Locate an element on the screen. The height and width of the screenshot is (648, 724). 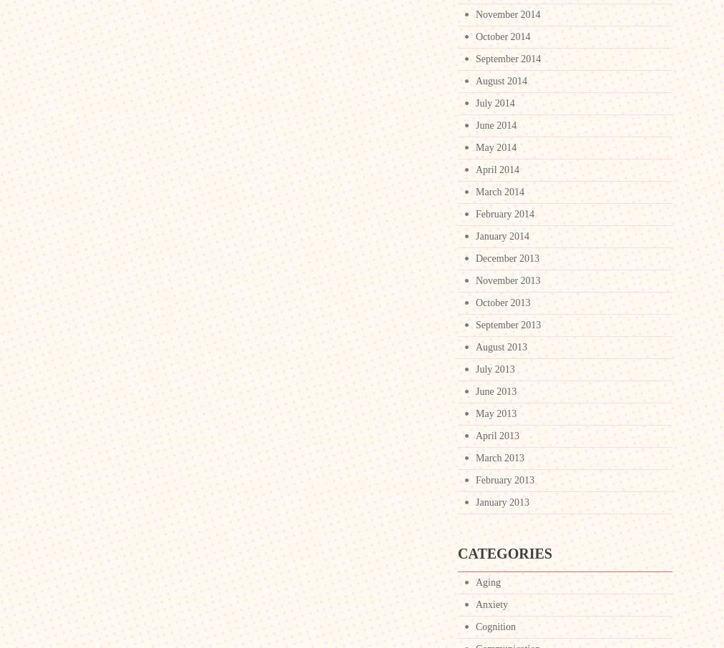
'Cognition' is located at coordinates (475, 627).